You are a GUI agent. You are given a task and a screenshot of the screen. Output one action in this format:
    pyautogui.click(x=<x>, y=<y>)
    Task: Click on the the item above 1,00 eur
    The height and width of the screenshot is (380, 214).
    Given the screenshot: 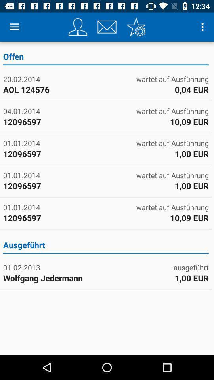 What is the action you would take?
    pyautogui.click(x=191, y=267)
    